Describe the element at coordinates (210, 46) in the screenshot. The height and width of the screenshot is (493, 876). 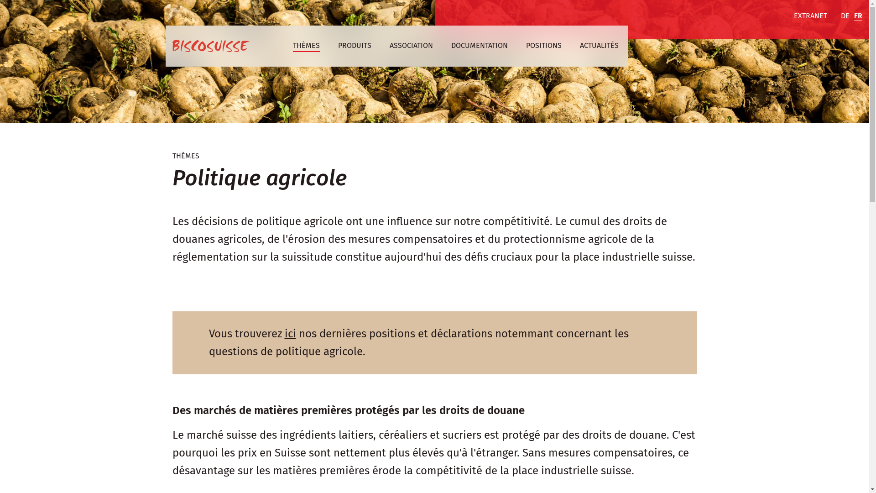
I see `'Home'` at that location.